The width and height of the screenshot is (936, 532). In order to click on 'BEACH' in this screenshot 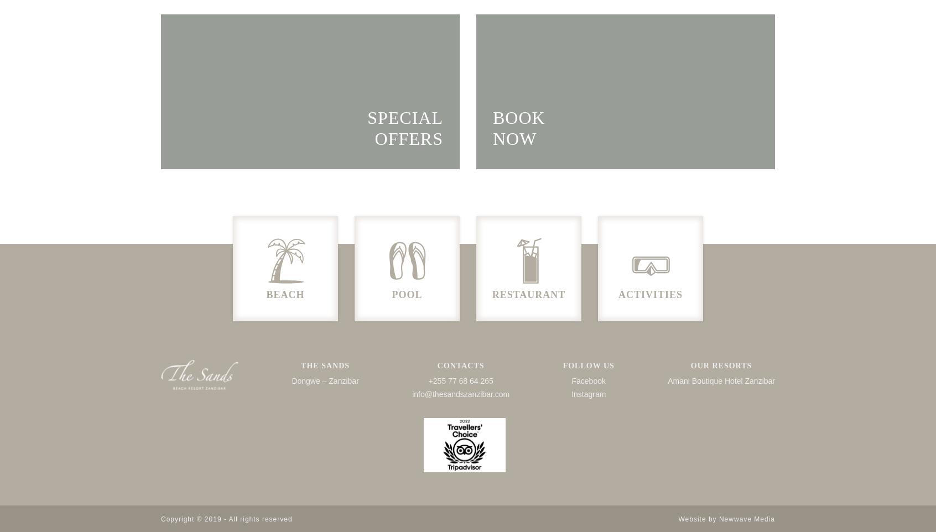, I will do `click(285, 295)`.